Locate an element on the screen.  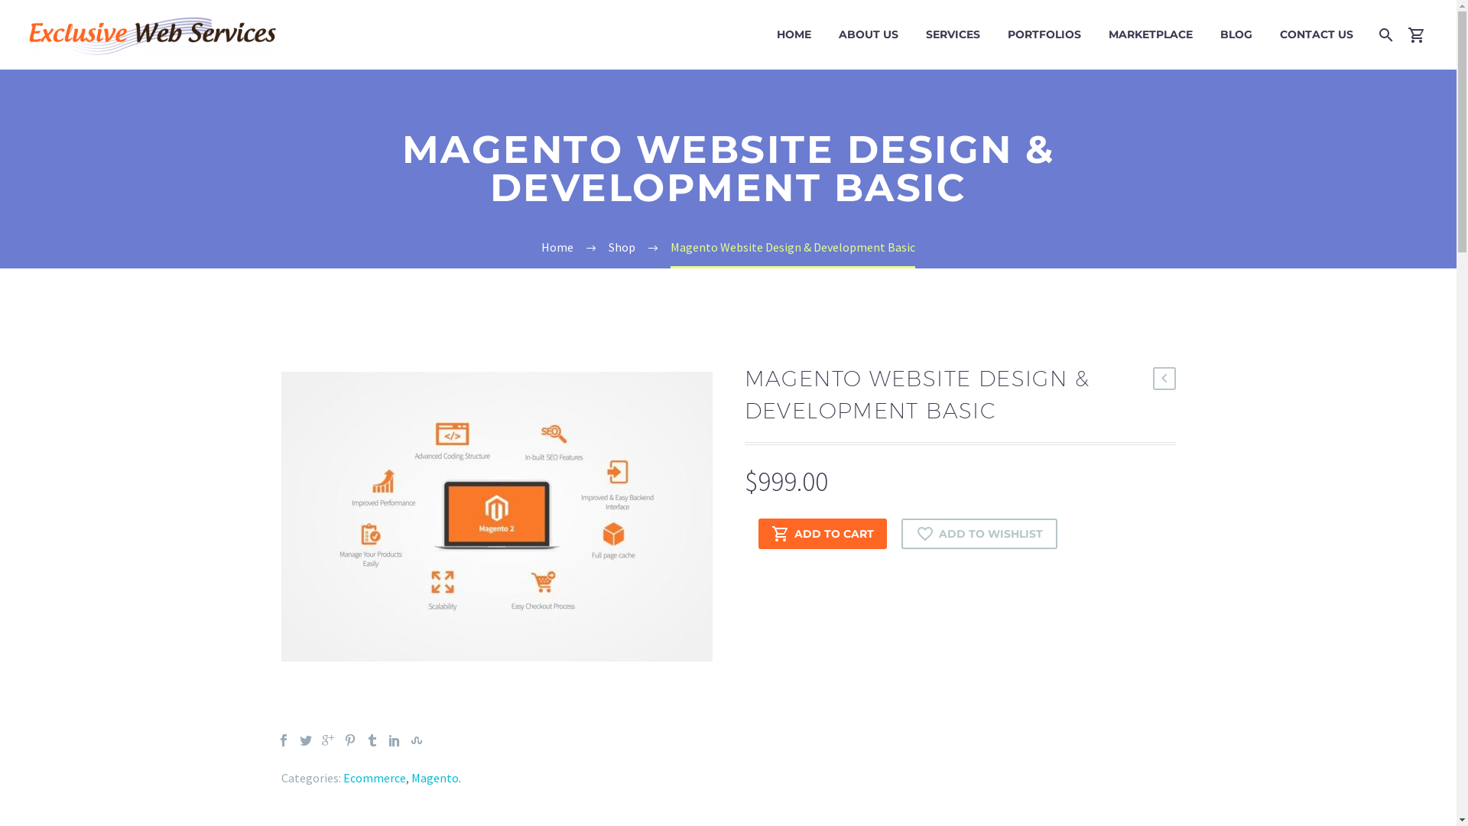
'Pinterest' is located at coordinates (349, 740).